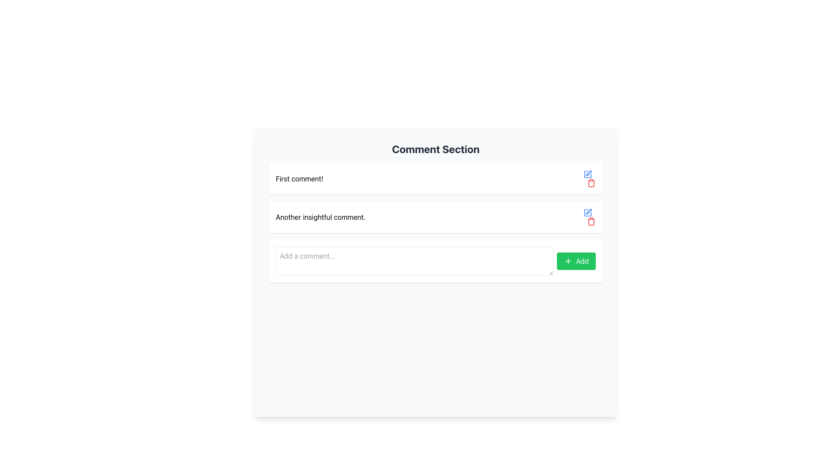 The height and width of the screenshot is (471, 838). Describe the element at coordinates (568, 260) in the screenshot. I see `the decorative icon adjacent to the 'Add' button in the 'Comment Section' to emphasize its purpose for adding comments or items` at that location.